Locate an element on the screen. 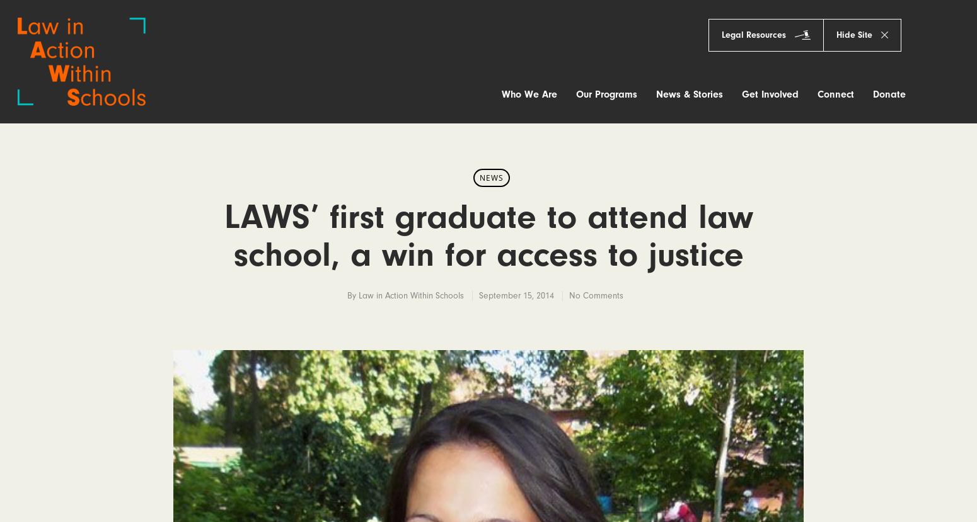 Image resolution: width=977 pixels, height=522 pixels. 'Get Involved' is located at coordinates (742, 93).